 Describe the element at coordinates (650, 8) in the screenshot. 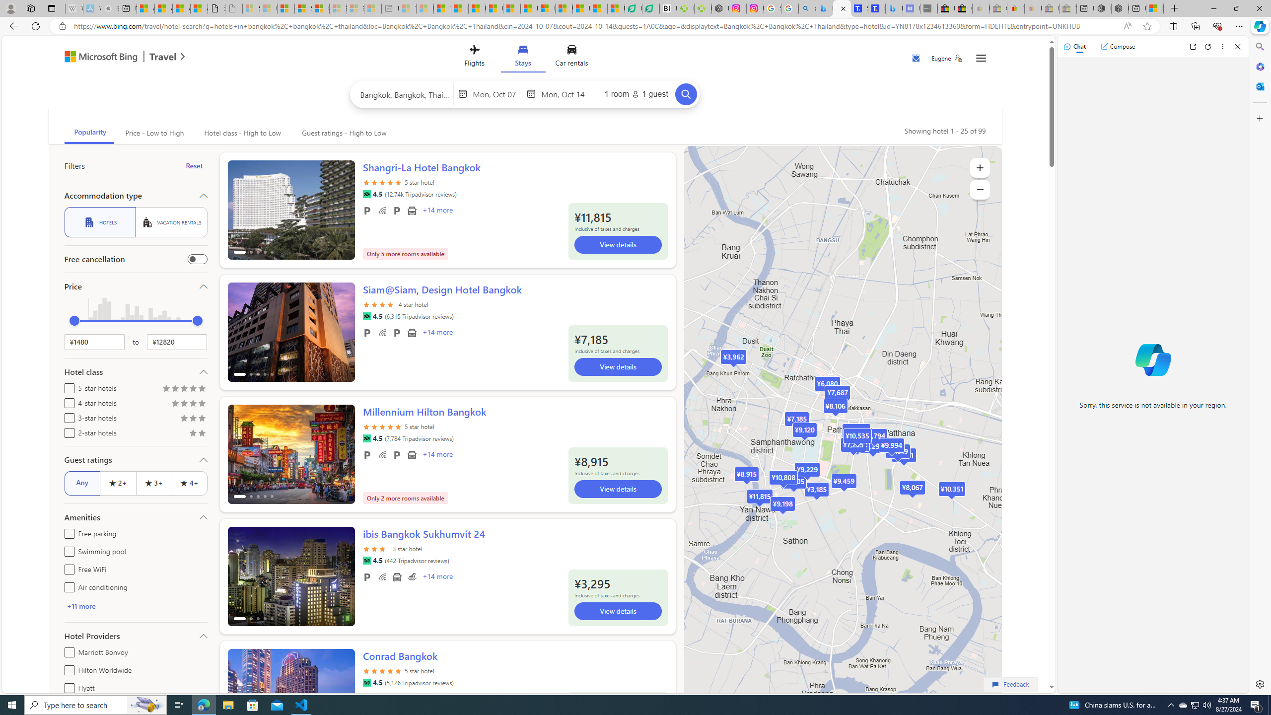

I see `'LendingTree - Compare Lenders'` at that location.